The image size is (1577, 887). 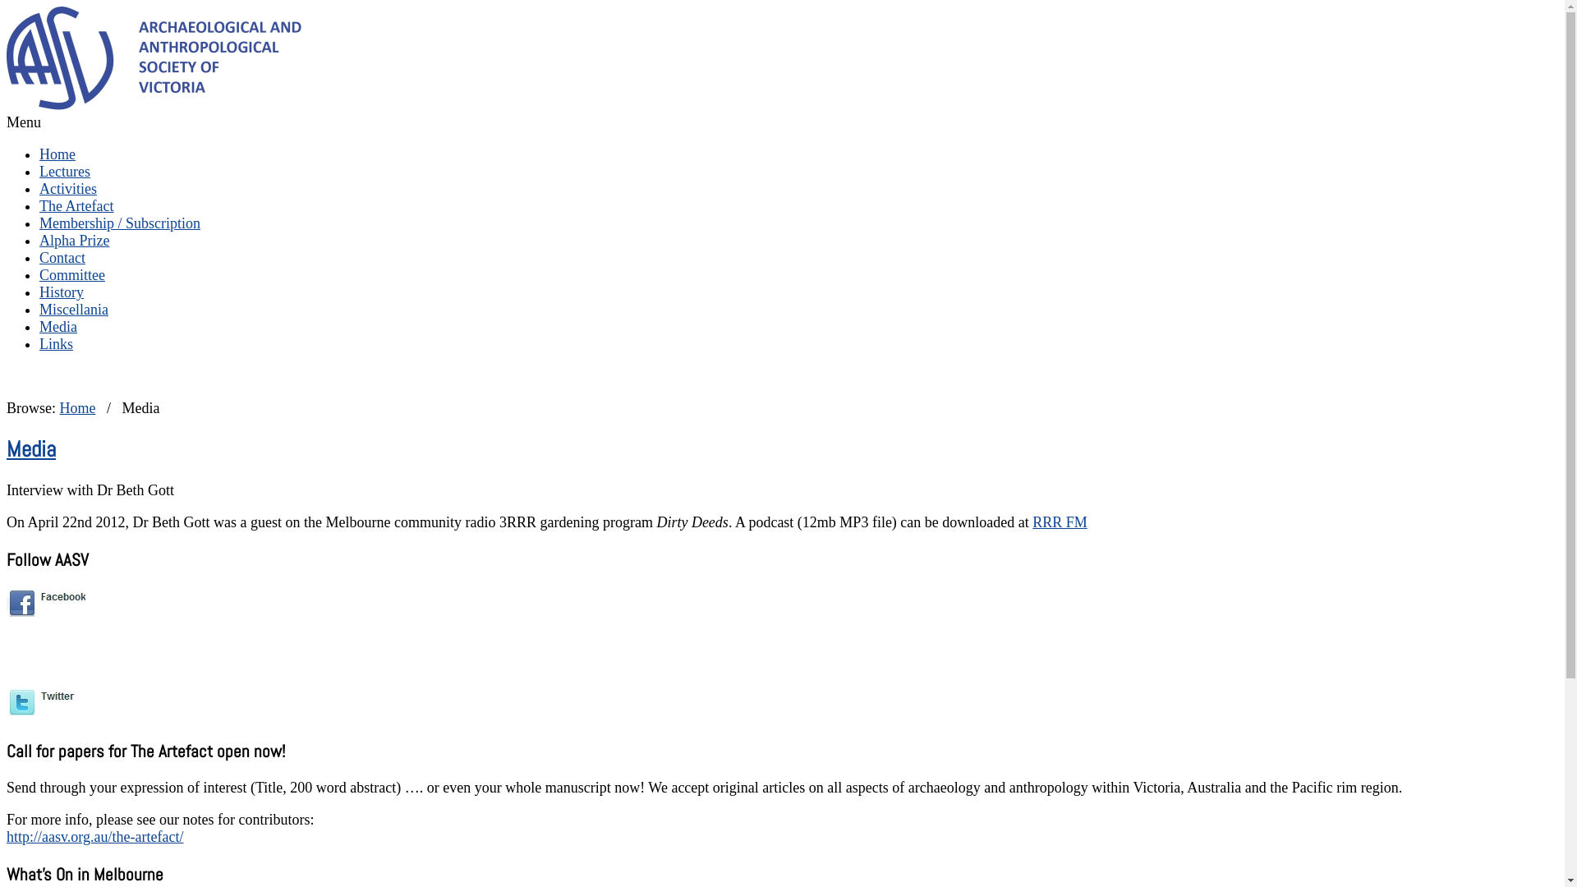 I want to click on 'Lectures', so click(x=64, y=171).